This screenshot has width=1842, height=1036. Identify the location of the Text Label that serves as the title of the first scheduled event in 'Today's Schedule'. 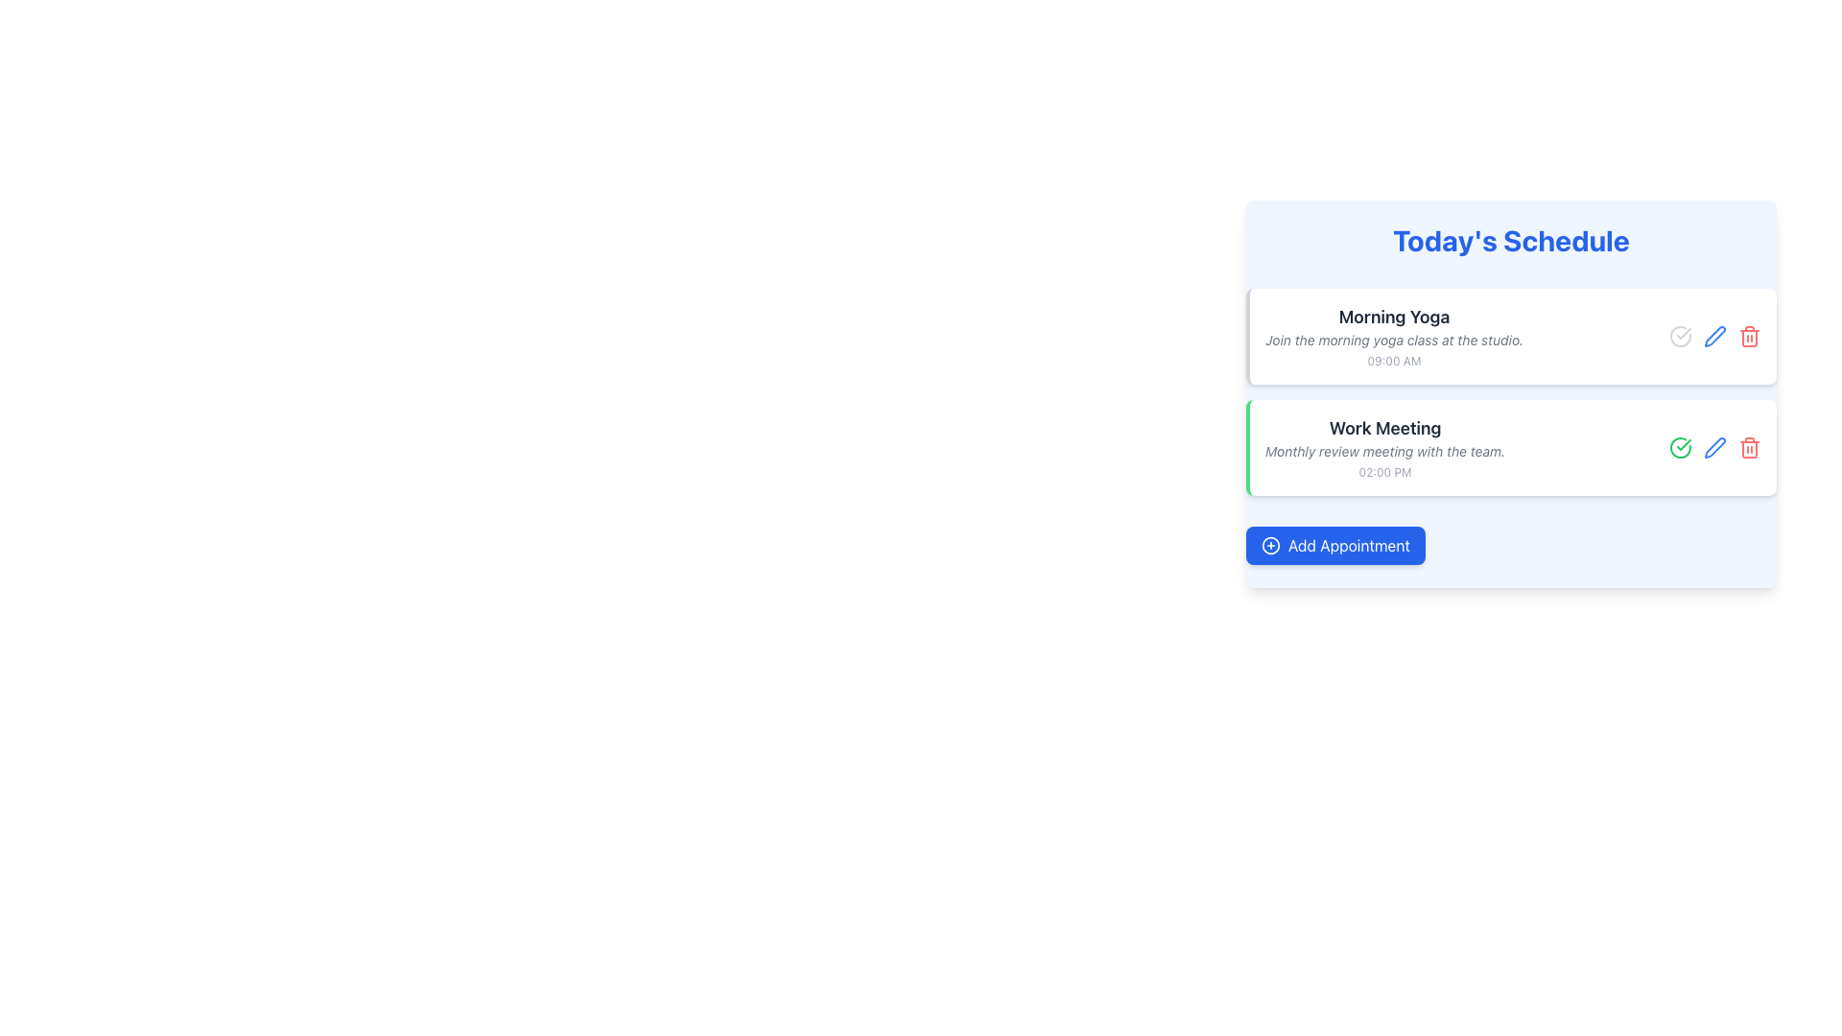
(1394, 317).